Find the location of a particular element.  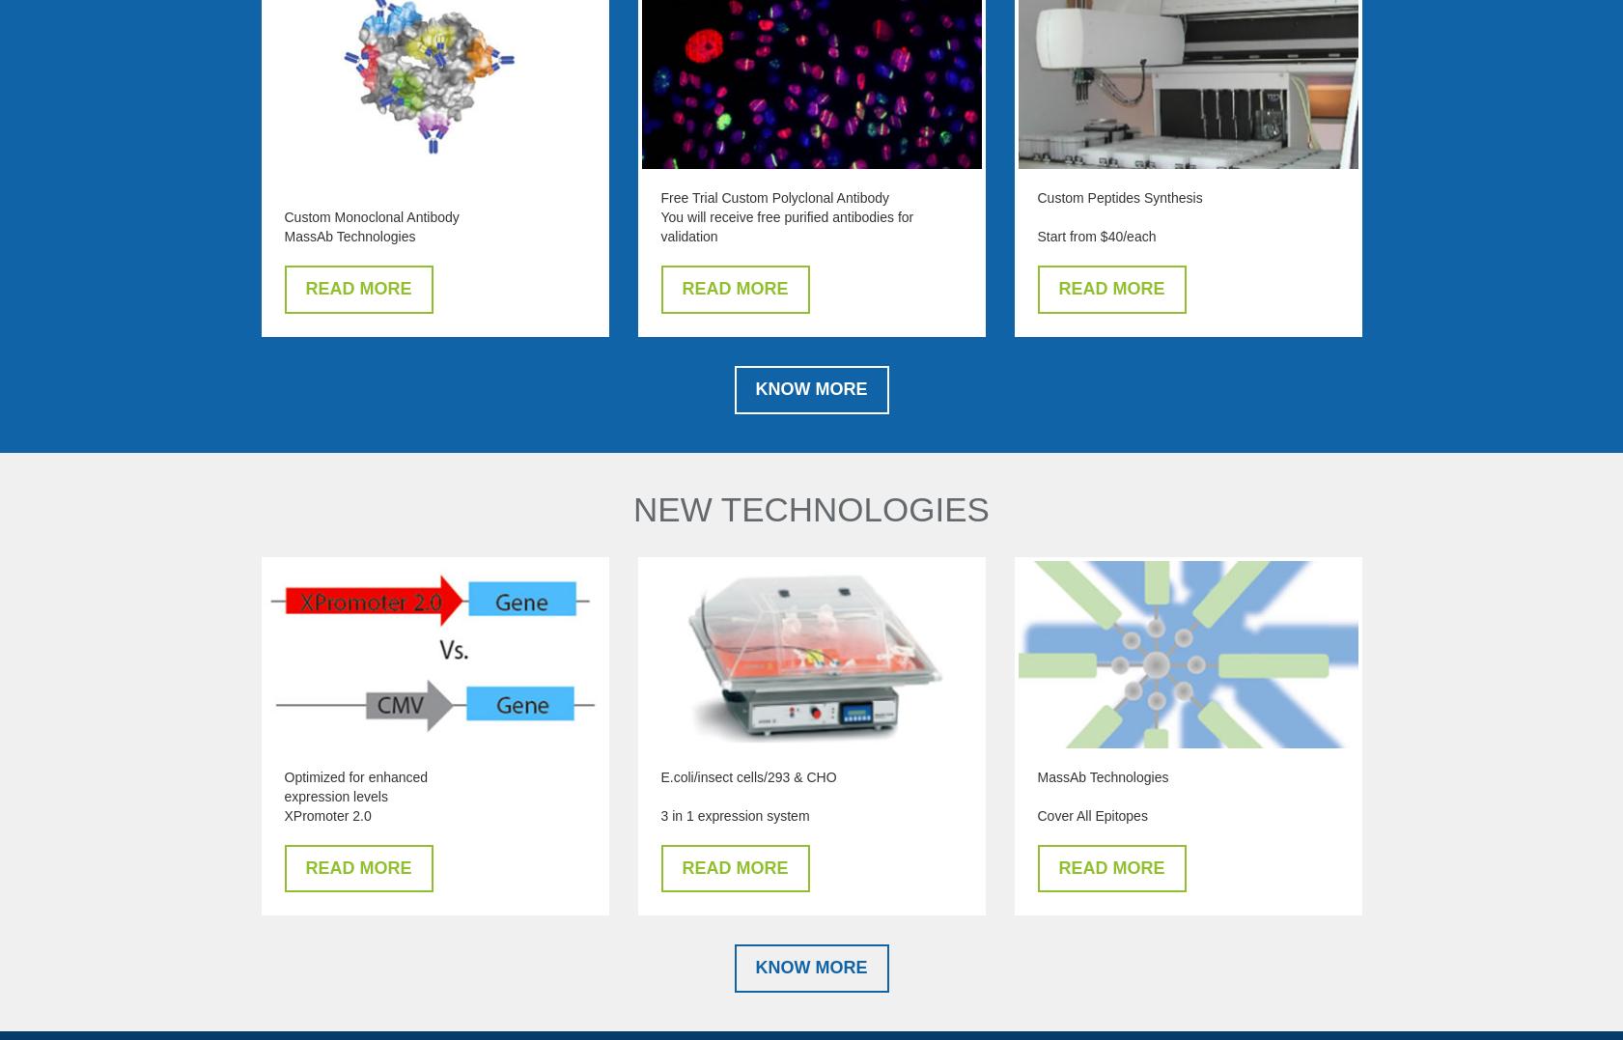

'Free Trial Custom Polyclonal Antibody' is located at coordinates (773, 196).